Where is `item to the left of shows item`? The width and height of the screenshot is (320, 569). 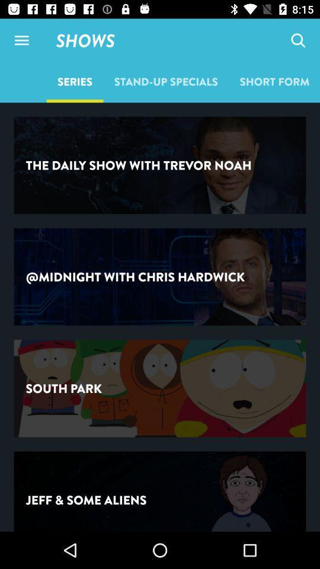 item to the left of shows item is located at coordinates (21, 40).